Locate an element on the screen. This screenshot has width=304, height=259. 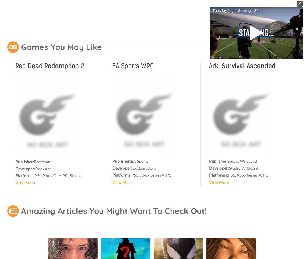
'00:30' is located at coordinates (240, 54).